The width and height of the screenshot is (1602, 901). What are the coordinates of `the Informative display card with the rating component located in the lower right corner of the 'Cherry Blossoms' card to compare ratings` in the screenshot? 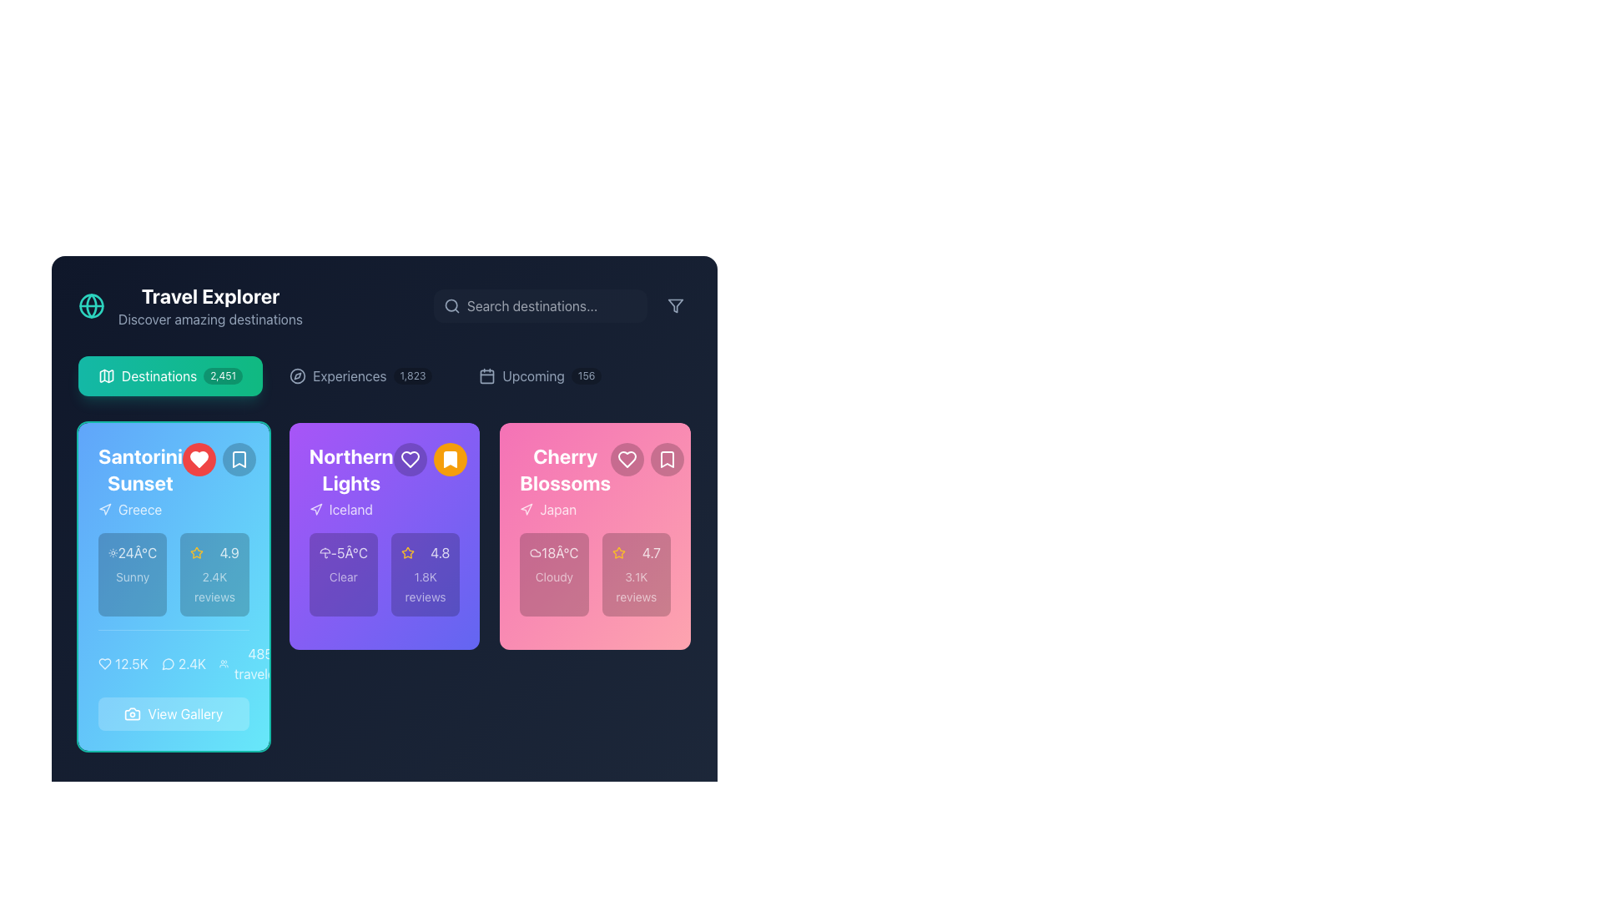 It's located at (635, 574).